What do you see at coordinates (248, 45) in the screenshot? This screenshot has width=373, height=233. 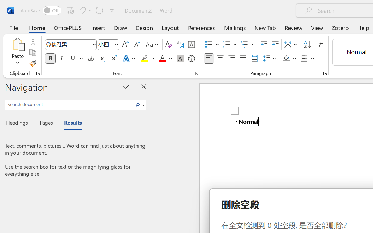 I see `'Multilevel List'` at bounding box center [248, 45].